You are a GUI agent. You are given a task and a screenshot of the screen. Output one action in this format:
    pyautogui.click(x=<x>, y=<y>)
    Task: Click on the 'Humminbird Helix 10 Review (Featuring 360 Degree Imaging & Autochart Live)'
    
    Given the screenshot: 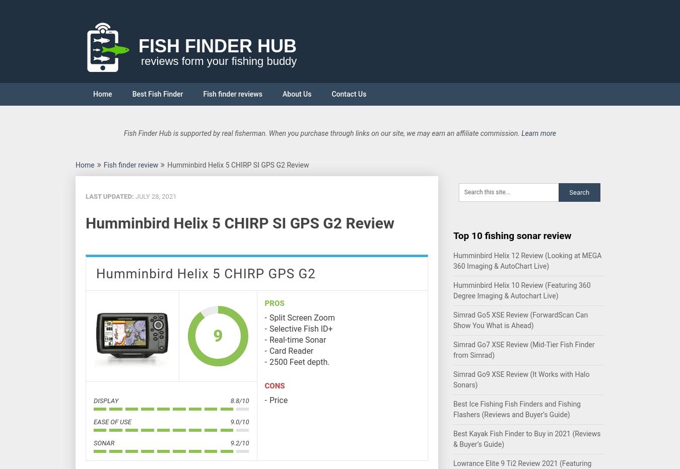 What is the action you would take?
    pyautogui.click(x=521, y=290)
    